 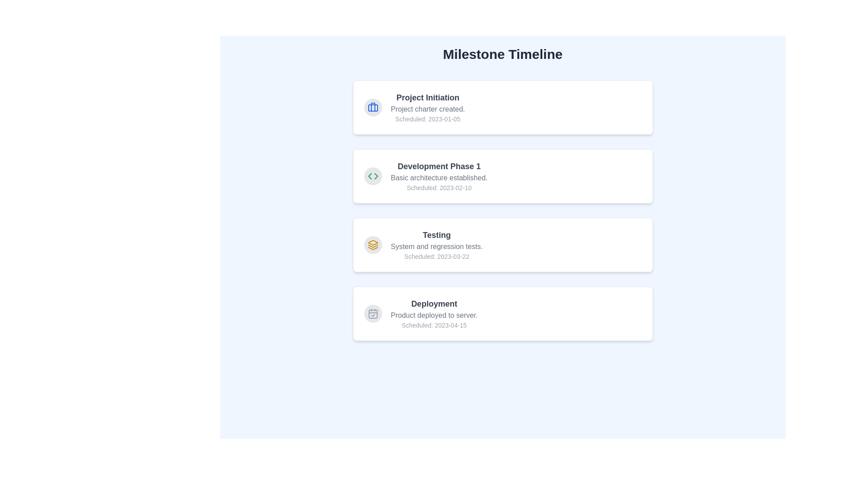 I want to click on heading text located at the top of the main content section, which serves as a title for the timeline section, so click(x=503, y=54).